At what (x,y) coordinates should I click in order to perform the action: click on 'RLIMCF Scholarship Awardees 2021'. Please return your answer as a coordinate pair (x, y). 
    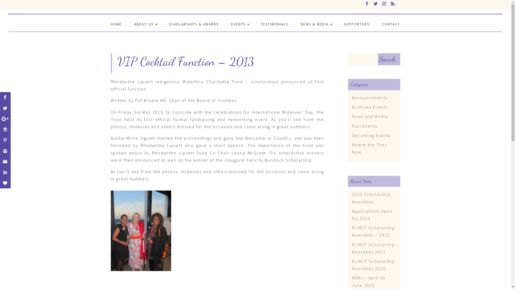
    Looking at the image, I should click on (352, 248).